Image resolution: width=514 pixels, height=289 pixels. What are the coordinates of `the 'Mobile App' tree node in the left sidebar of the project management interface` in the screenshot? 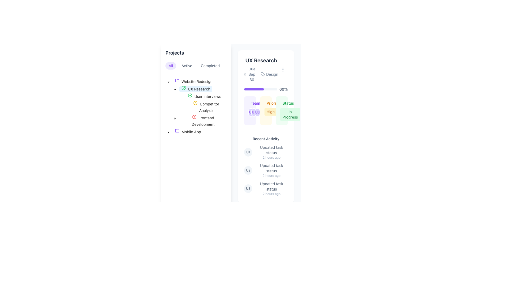 It's located at (184, 132).